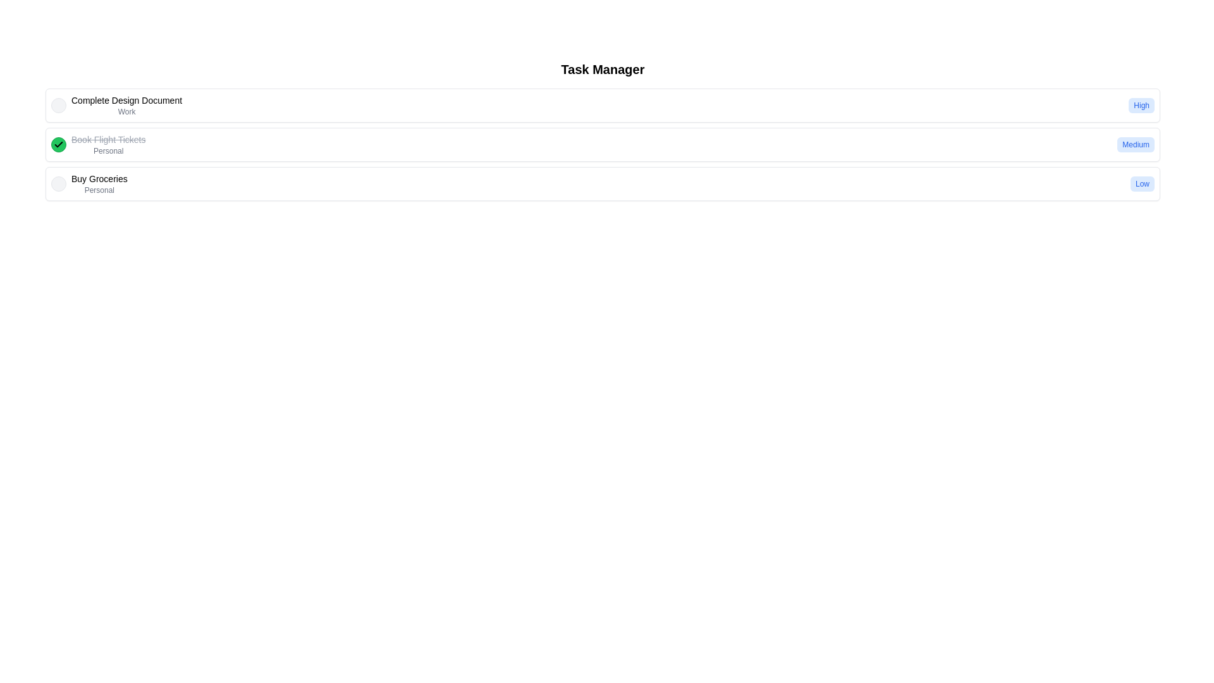  I want to click on the label with bold blue text reading 'Low', located at the far right end of the row for the 'Buy Groceries' task, so click(1142, 183).